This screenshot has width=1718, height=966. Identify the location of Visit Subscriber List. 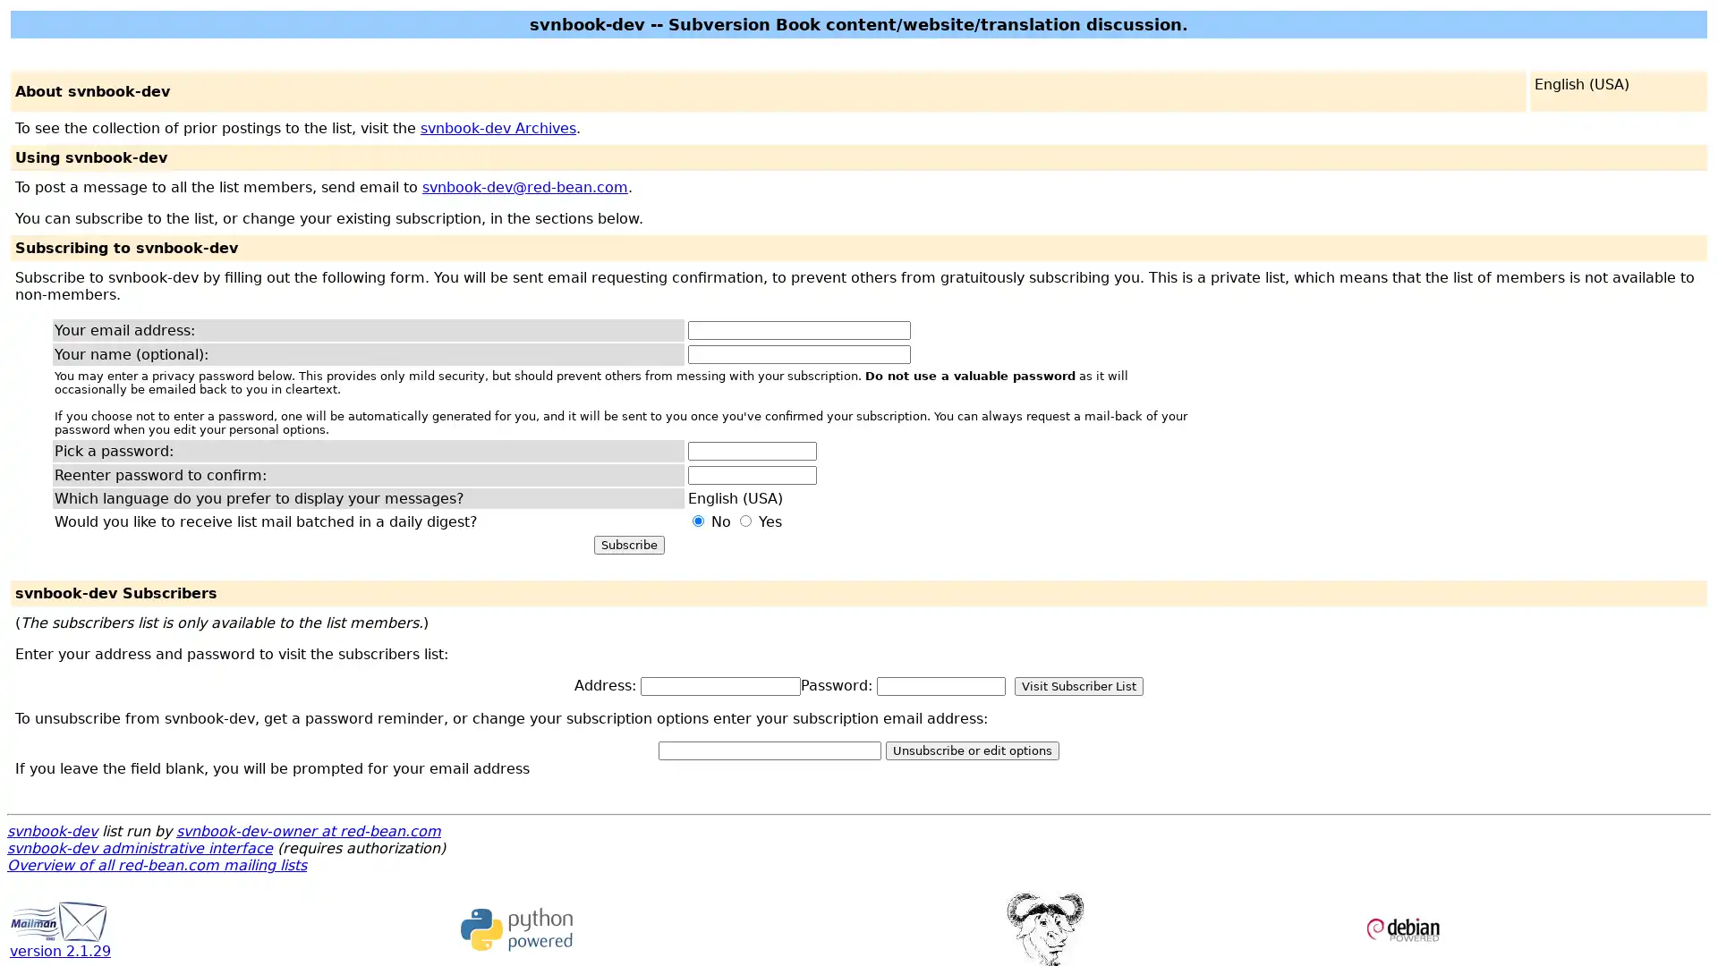
(1077, 685).